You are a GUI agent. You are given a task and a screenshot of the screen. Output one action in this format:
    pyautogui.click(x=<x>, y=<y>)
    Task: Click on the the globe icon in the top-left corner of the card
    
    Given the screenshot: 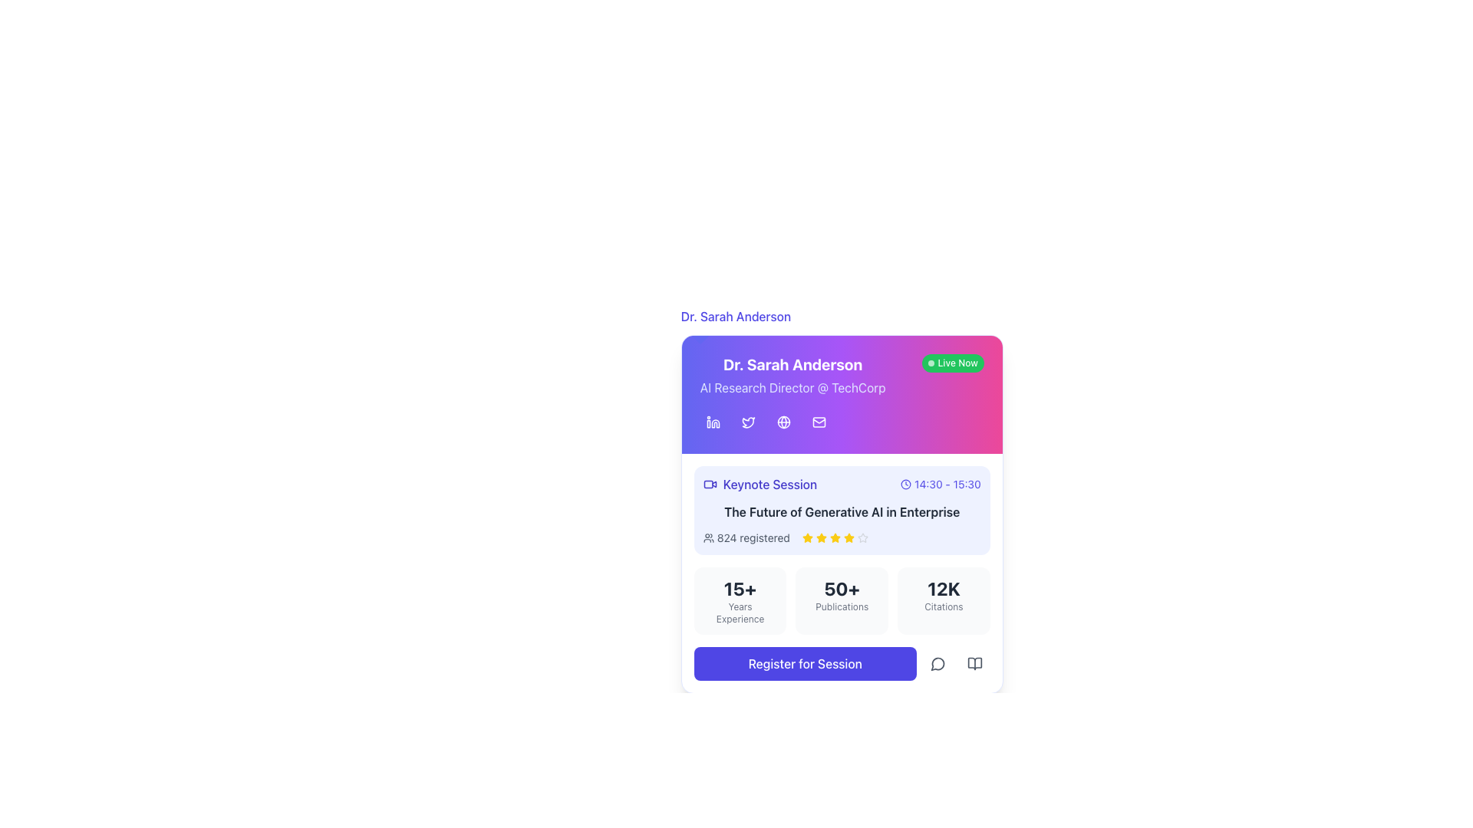 What is the action you would take?
    pyautogui.click(x=783, y=422)
    